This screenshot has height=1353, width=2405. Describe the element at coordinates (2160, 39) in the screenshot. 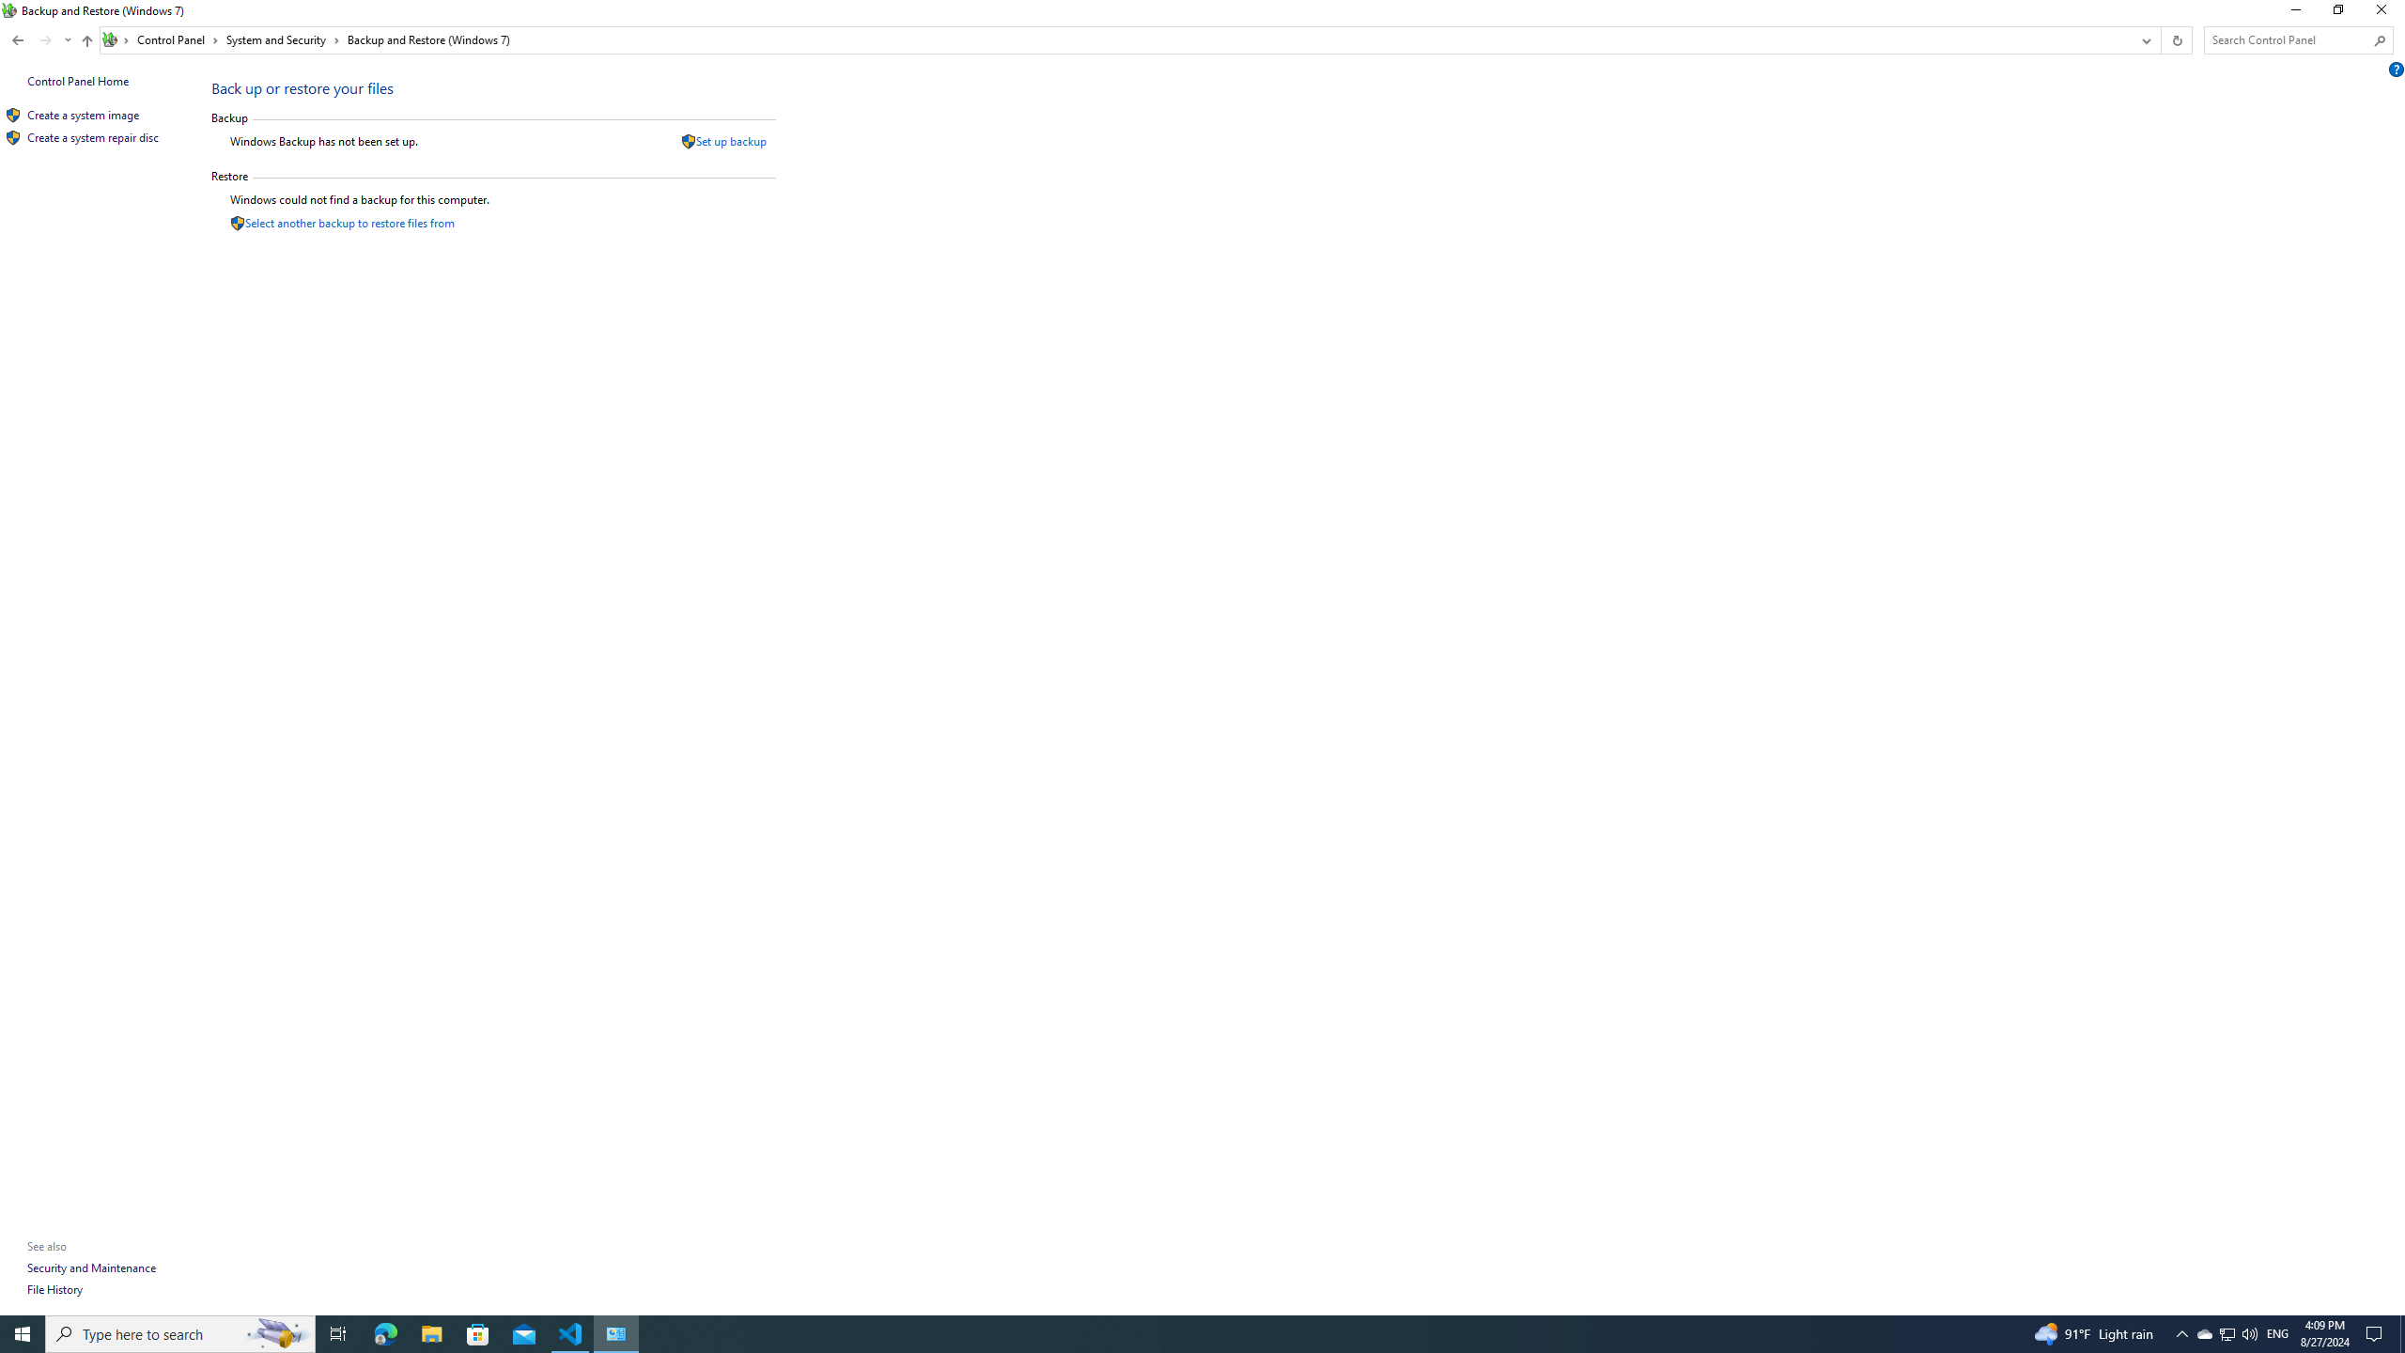

I see `'Address band toolbar'` at that location.